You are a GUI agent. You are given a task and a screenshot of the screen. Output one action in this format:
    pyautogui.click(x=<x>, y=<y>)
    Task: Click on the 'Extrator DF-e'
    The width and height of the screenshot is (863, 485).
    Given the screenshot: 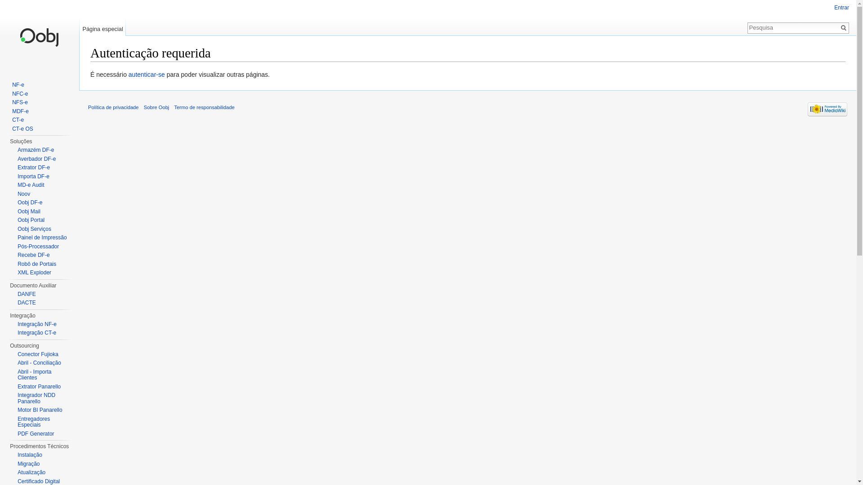 What is the action you would take?
    pyautogui.click(x=34, y=168)
    